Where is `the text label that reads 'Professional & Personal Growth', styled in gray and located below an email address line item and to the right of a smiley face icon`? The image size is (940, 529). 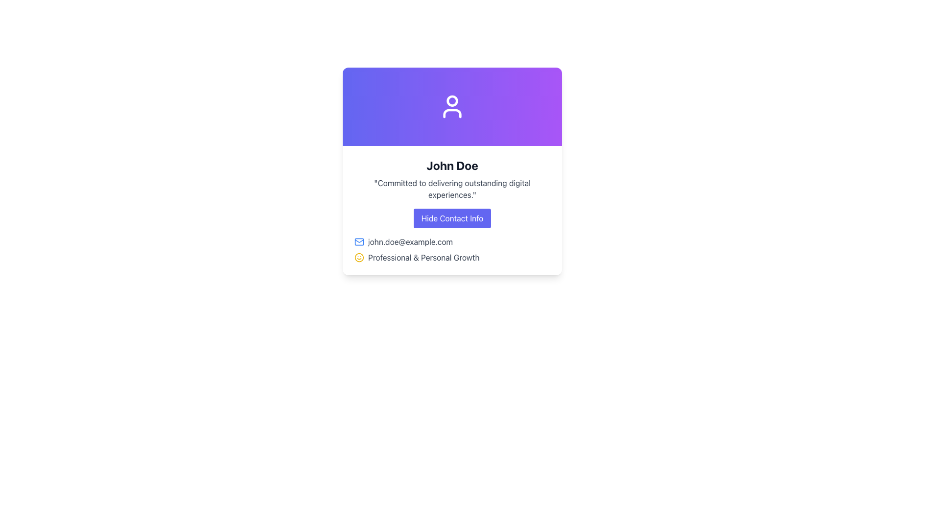
the text label that reads 'Professional & Personal Growth', styled in gray and located below an email address line item and to the right of a smiley face icon is located at coordinates (423, 257).